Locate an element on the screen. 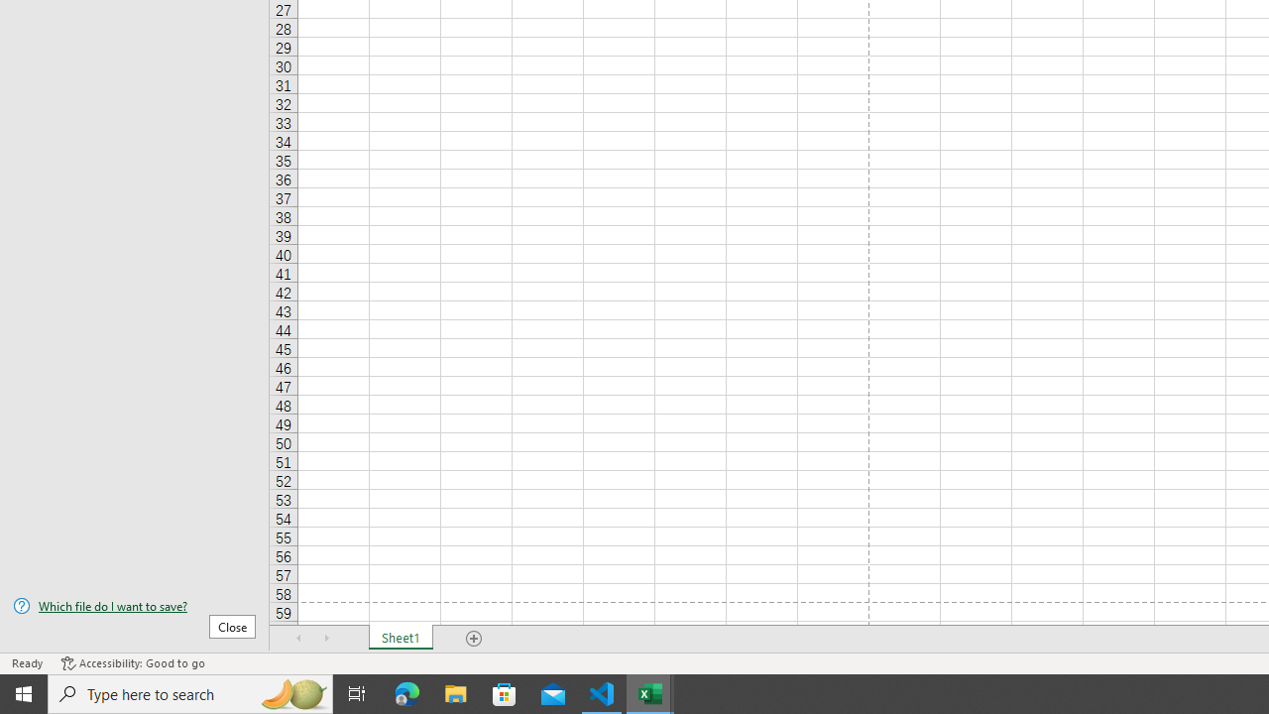 This screenshot has width=1269, height=714. 'Scroll Right' is located at coordinates (327, 639).